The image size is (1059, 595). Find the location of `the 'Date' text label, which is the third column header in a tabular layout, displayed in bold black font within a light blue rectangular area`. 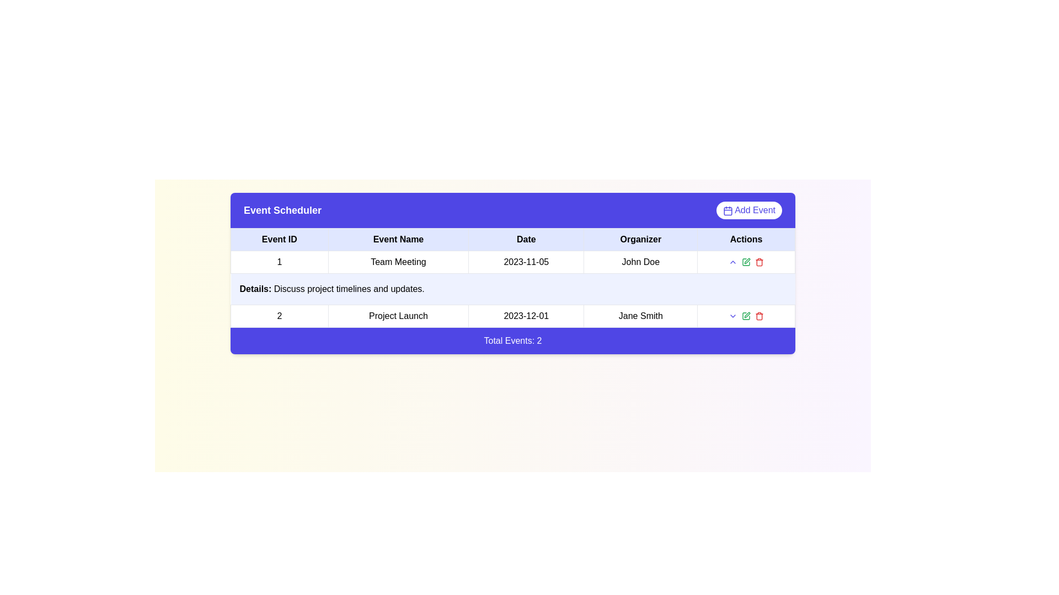

the 'Date' text label, which is the third column header in a tabular layout, displayed in bold black font within a light blue rectangular area is located at coordinates (526, 239).